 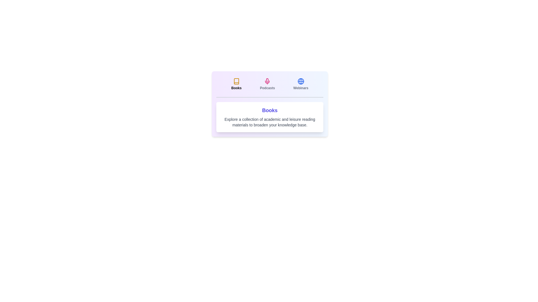 I want to click on the Books tab by clicking on it, so click(x=236, y=84).